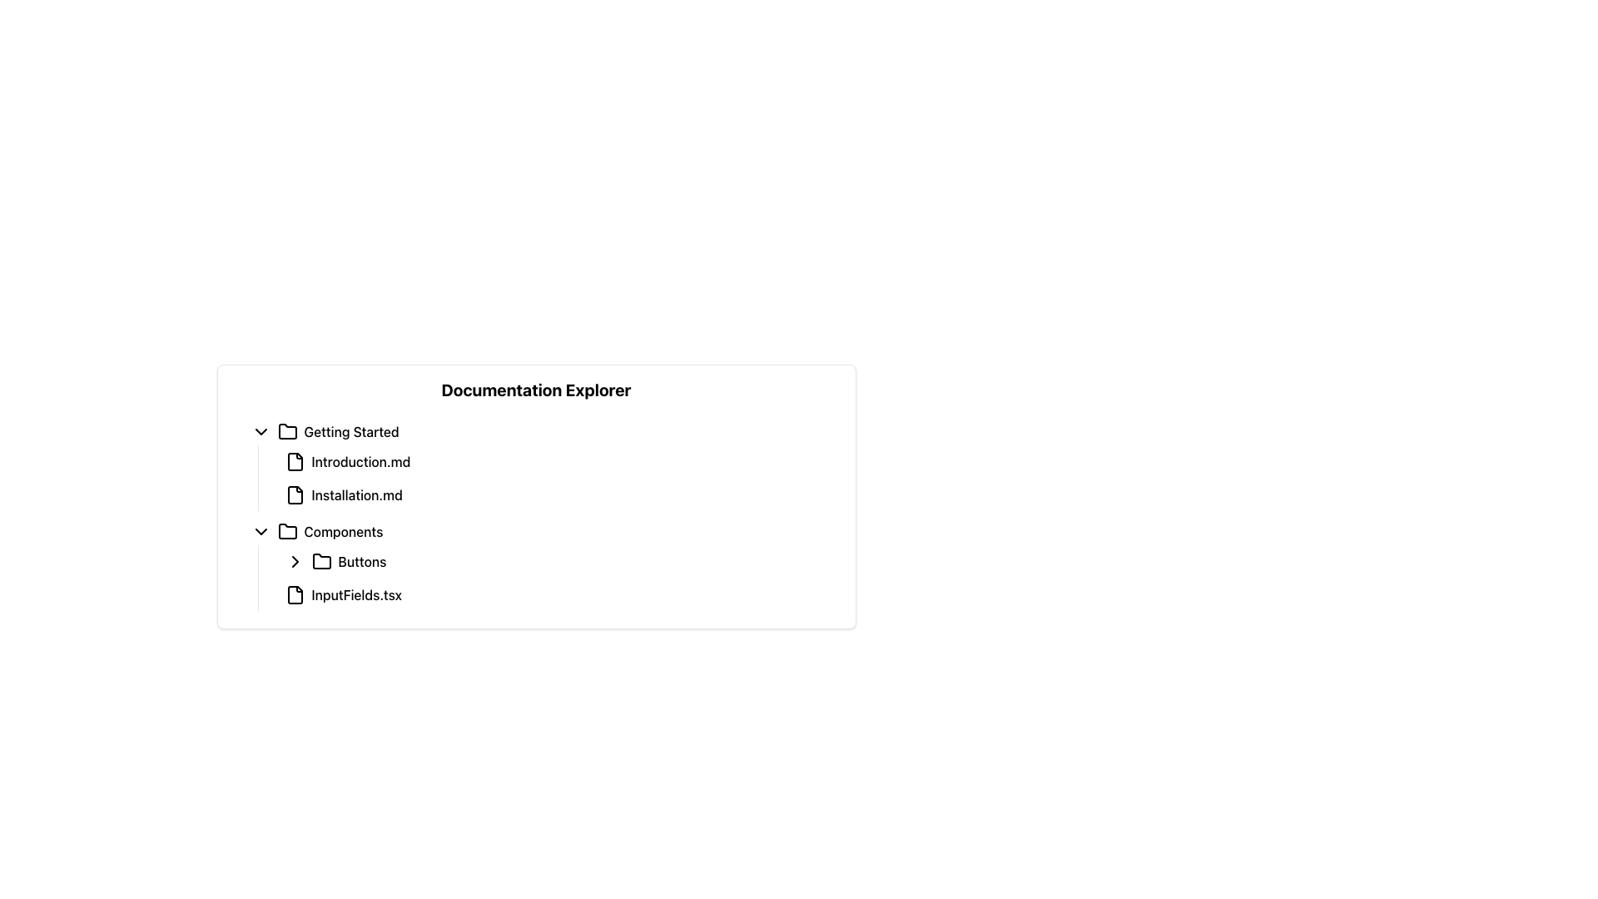 The height and width of the screenshot is (899, 1598). Describe the element at coordinates (295, 494) in the screenshot. I see `the file icon representing 'Installation.md' located in the 'Getting Started' section of the 'Documentation Explorer'` at that location.